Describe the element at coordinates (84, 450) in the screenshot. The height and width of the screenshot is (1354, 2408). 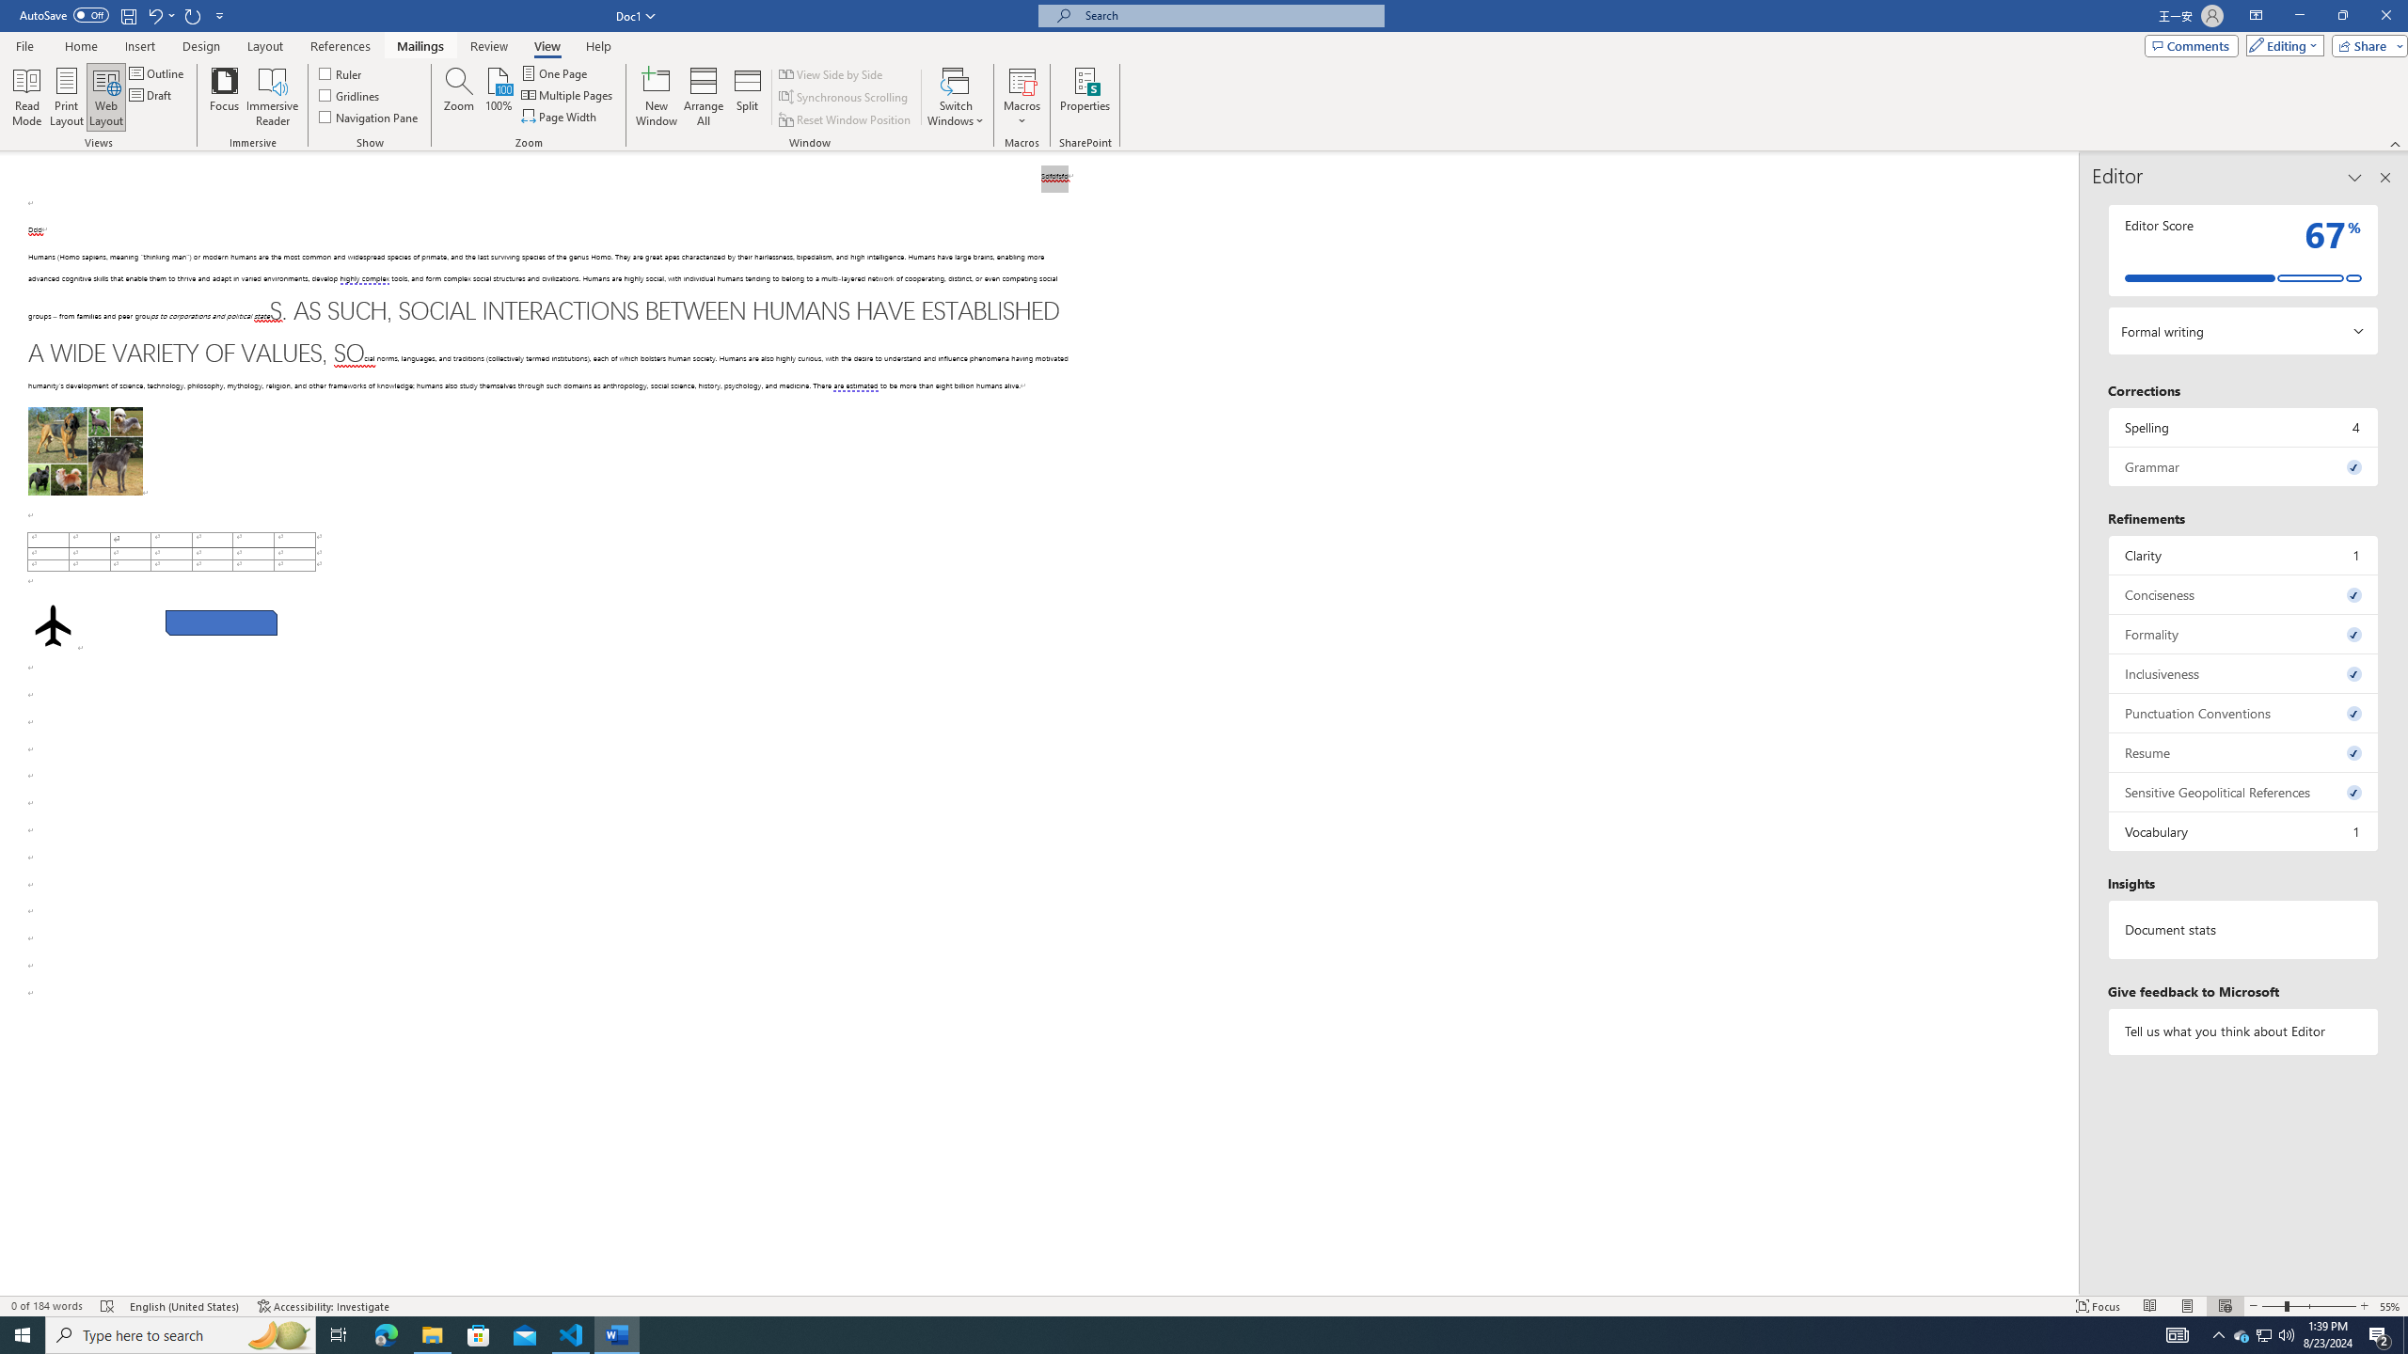
I see `'Morphological variation in six dogs'` at that location.